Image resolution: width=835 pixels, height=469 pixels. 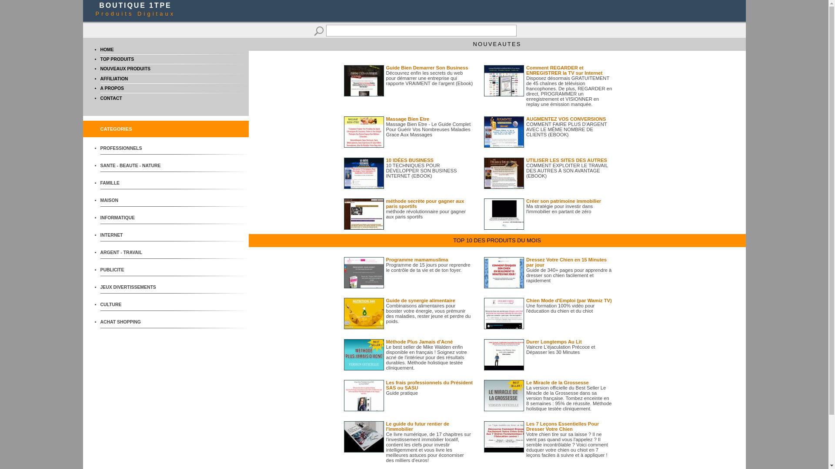 What do you see at coordinates (427, 67) in the screenshot?
I see `'Guide Bien Demarrer Son Business'` at bounding box center [427, 67].